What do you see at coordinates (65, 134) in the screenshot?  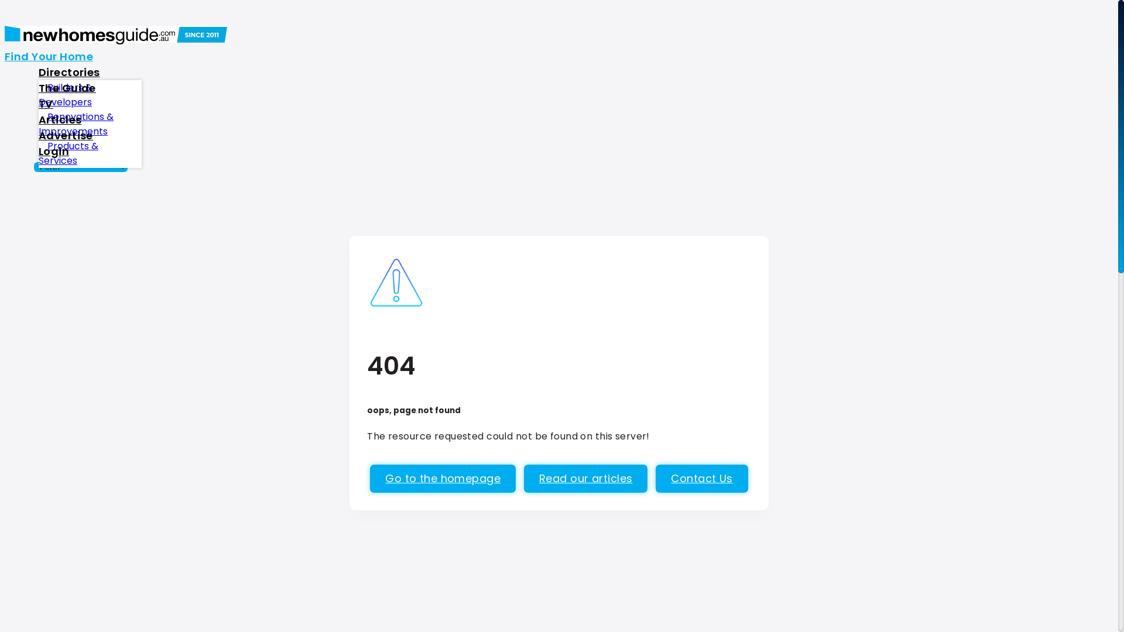 I see `'Advertise'` at bounding box center [65, 134].